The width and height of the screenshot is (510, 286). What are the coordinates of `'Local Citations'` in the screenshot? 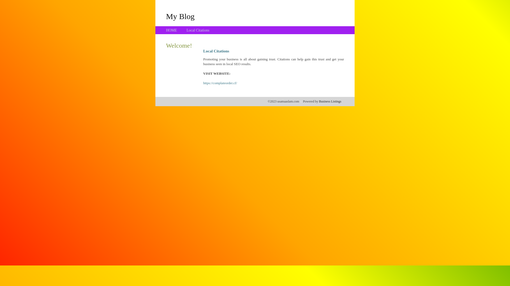 It's located at (186, 30).